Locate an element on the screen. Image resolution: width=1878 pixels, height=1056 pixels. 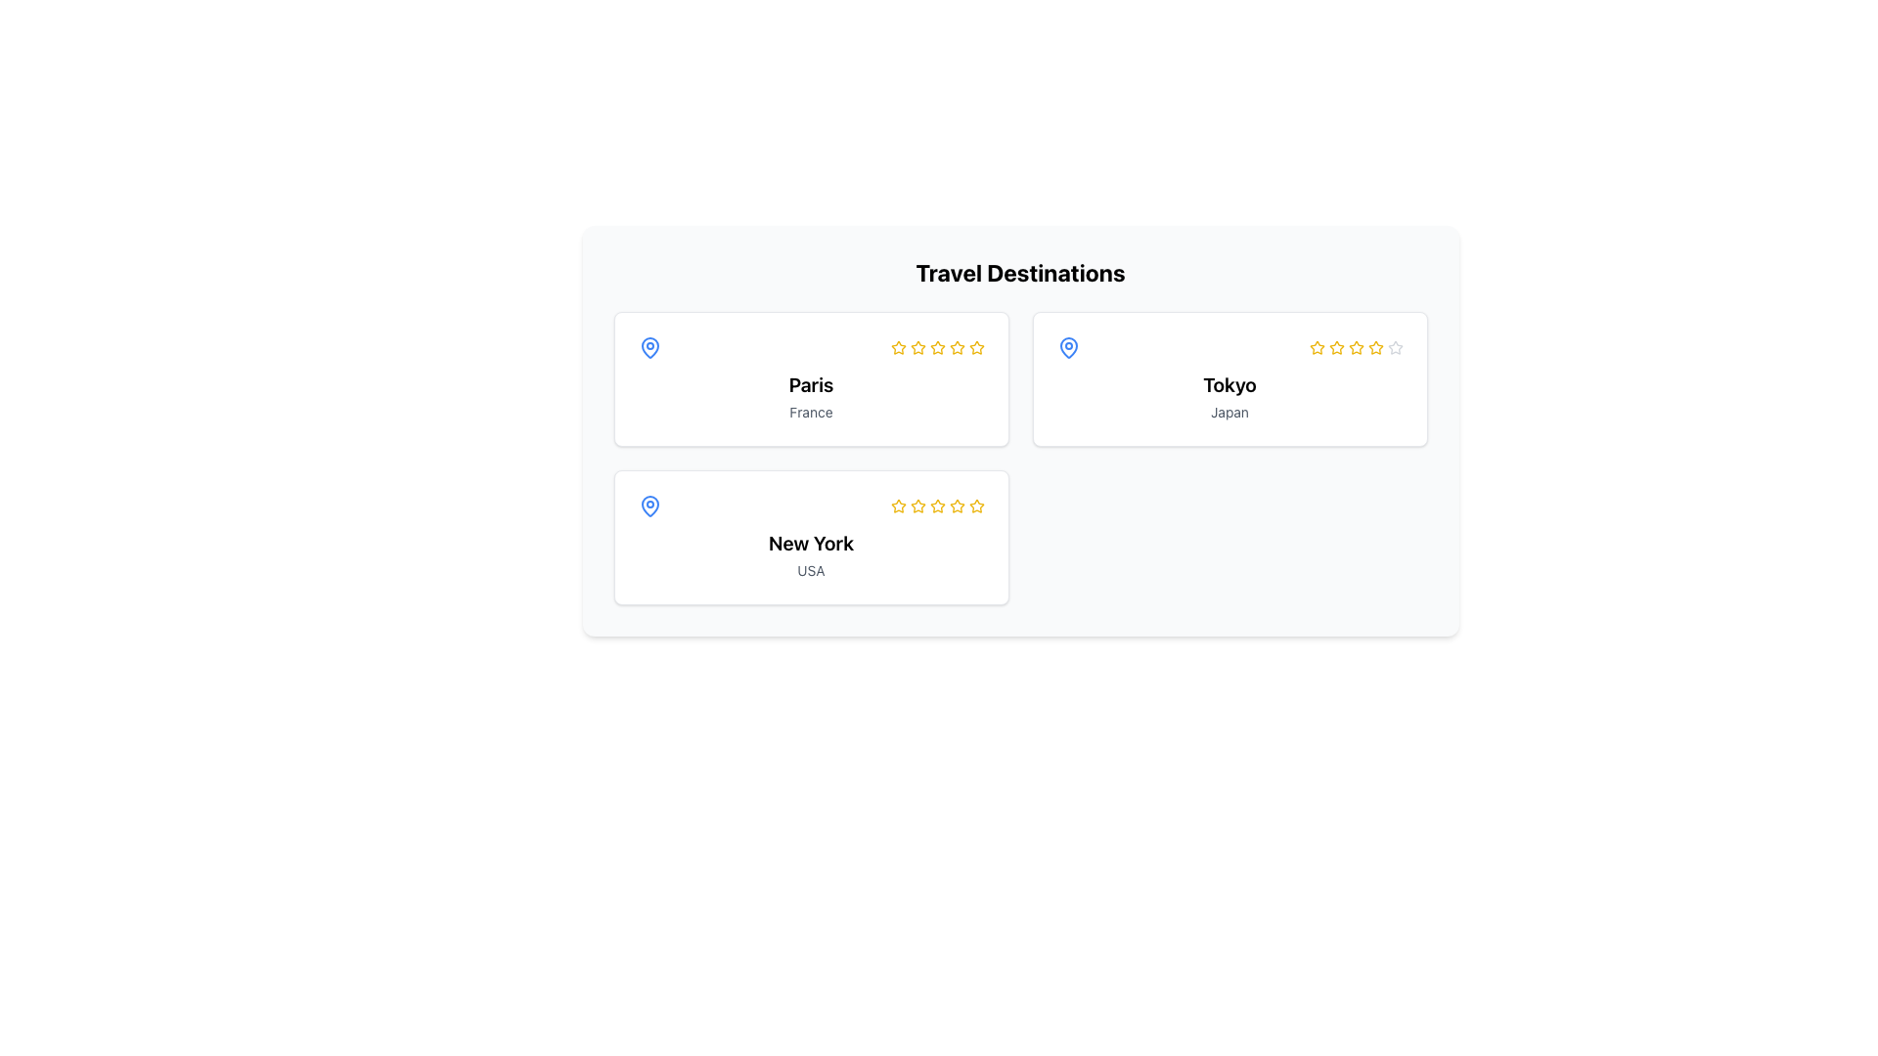
the third star in the 5-star rating system located in the bottom-left card for New York is located at coordinates (917, 505).